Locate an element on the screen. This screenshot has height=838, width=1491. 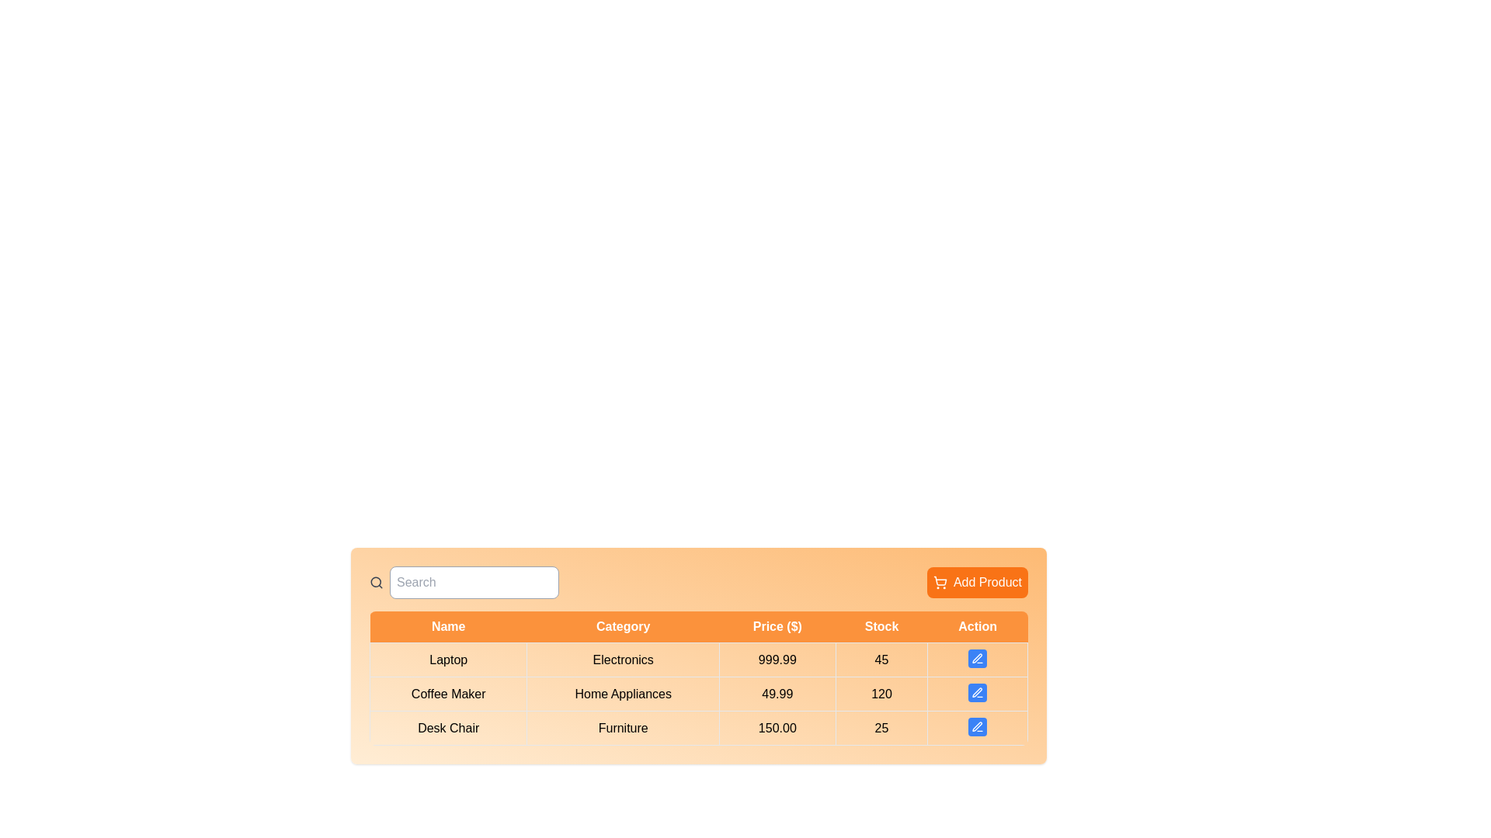
the static text field that labels or describes the name of the product, located in the first cell of the last row of a table-like grid structure is located at coordinates (447, 728).